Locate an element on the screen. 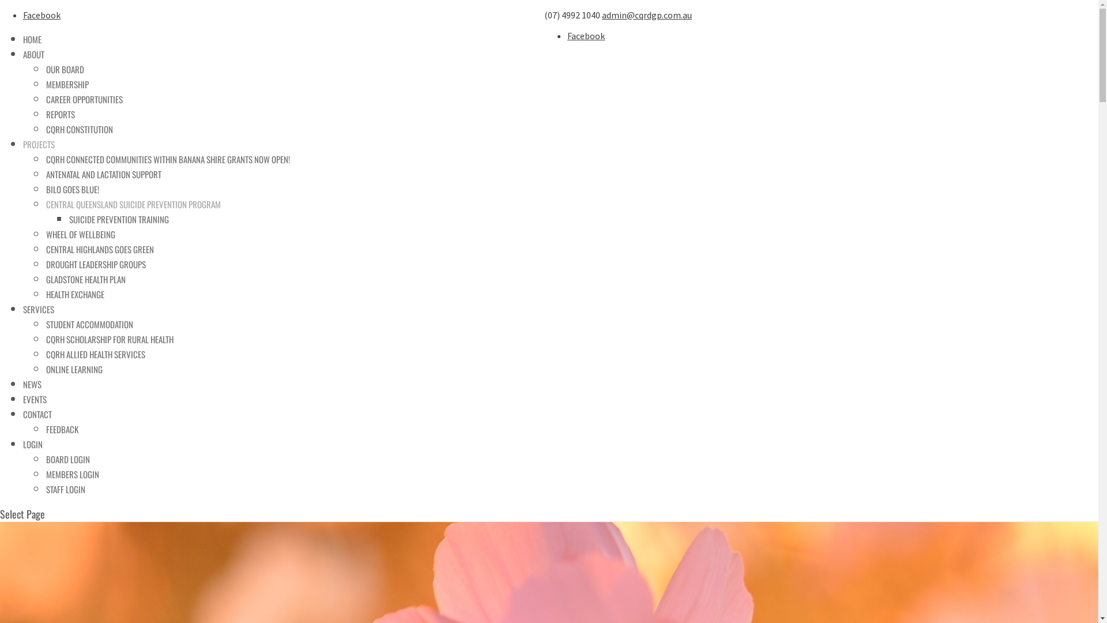  'MEMBERSHIP' is located at coordinates (46, 84).